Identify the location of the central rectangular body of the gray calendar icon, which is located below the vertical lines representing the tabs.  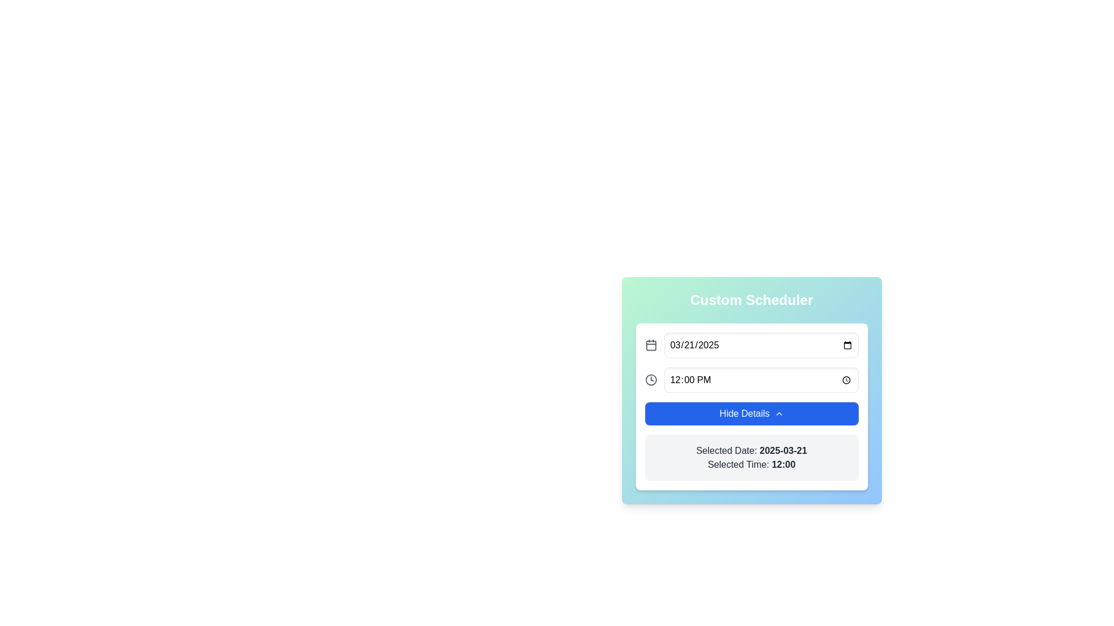
(651, 345).